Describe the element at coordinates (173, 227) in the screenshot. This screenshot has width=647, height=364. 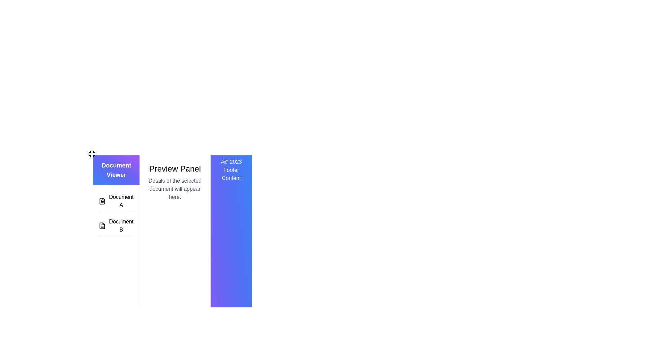
I see `the central 'Preview Panel' of the document viewer interface, which displays a message for selected document details` at that location.